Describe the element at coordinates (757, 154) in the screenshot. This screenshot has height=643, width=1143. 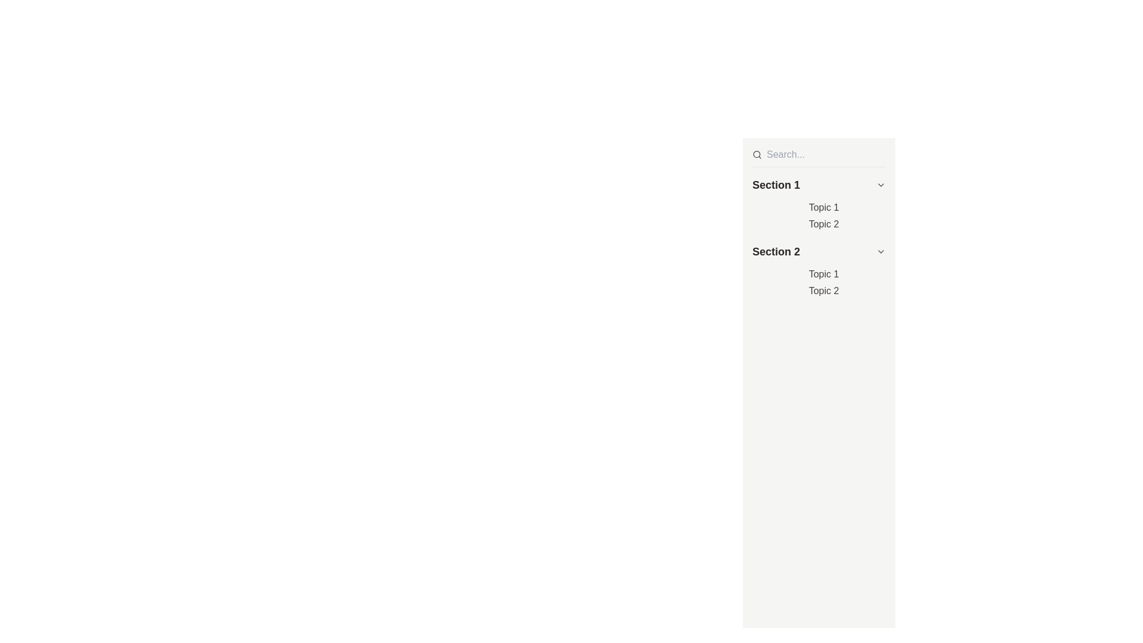
I see `the search icon located on the left side of the search bar` at that location.